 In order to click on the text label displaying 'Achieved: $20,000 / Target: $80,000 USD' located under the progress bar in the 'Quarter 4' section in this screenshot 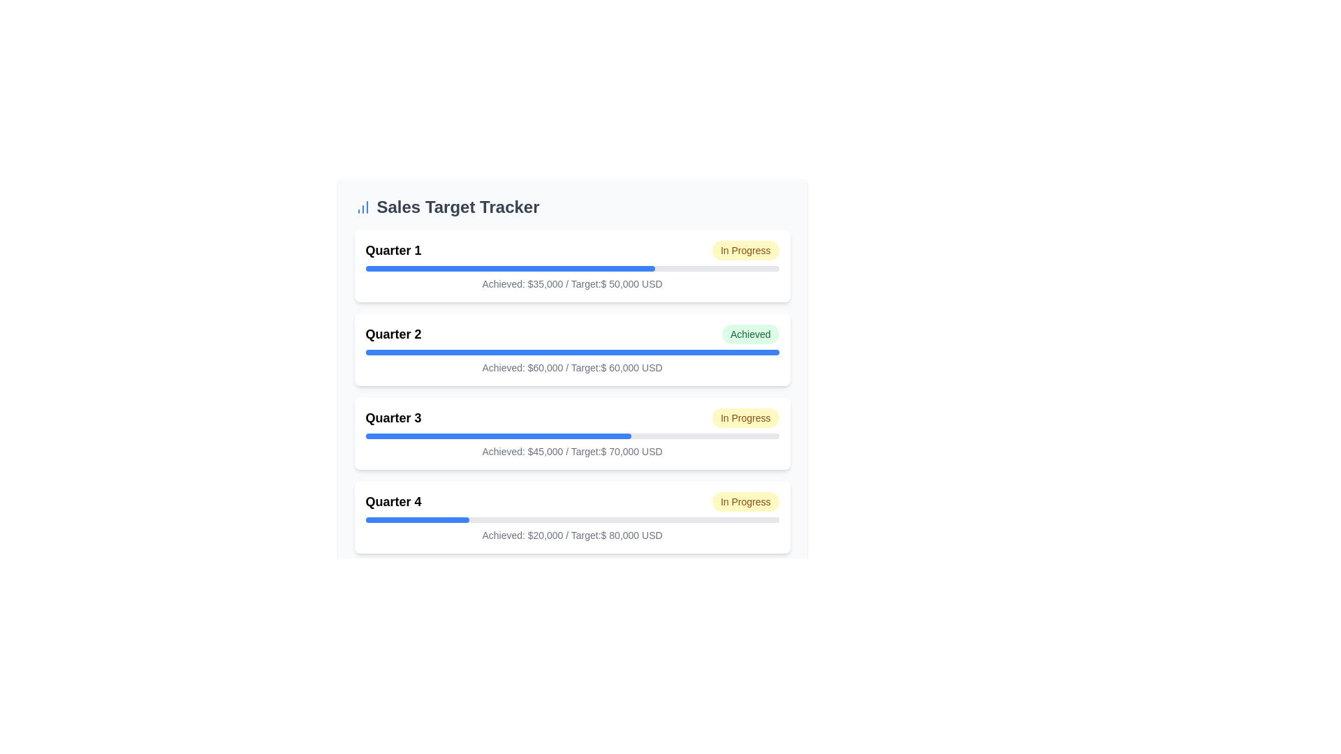, I will do `click(572, 535)`.